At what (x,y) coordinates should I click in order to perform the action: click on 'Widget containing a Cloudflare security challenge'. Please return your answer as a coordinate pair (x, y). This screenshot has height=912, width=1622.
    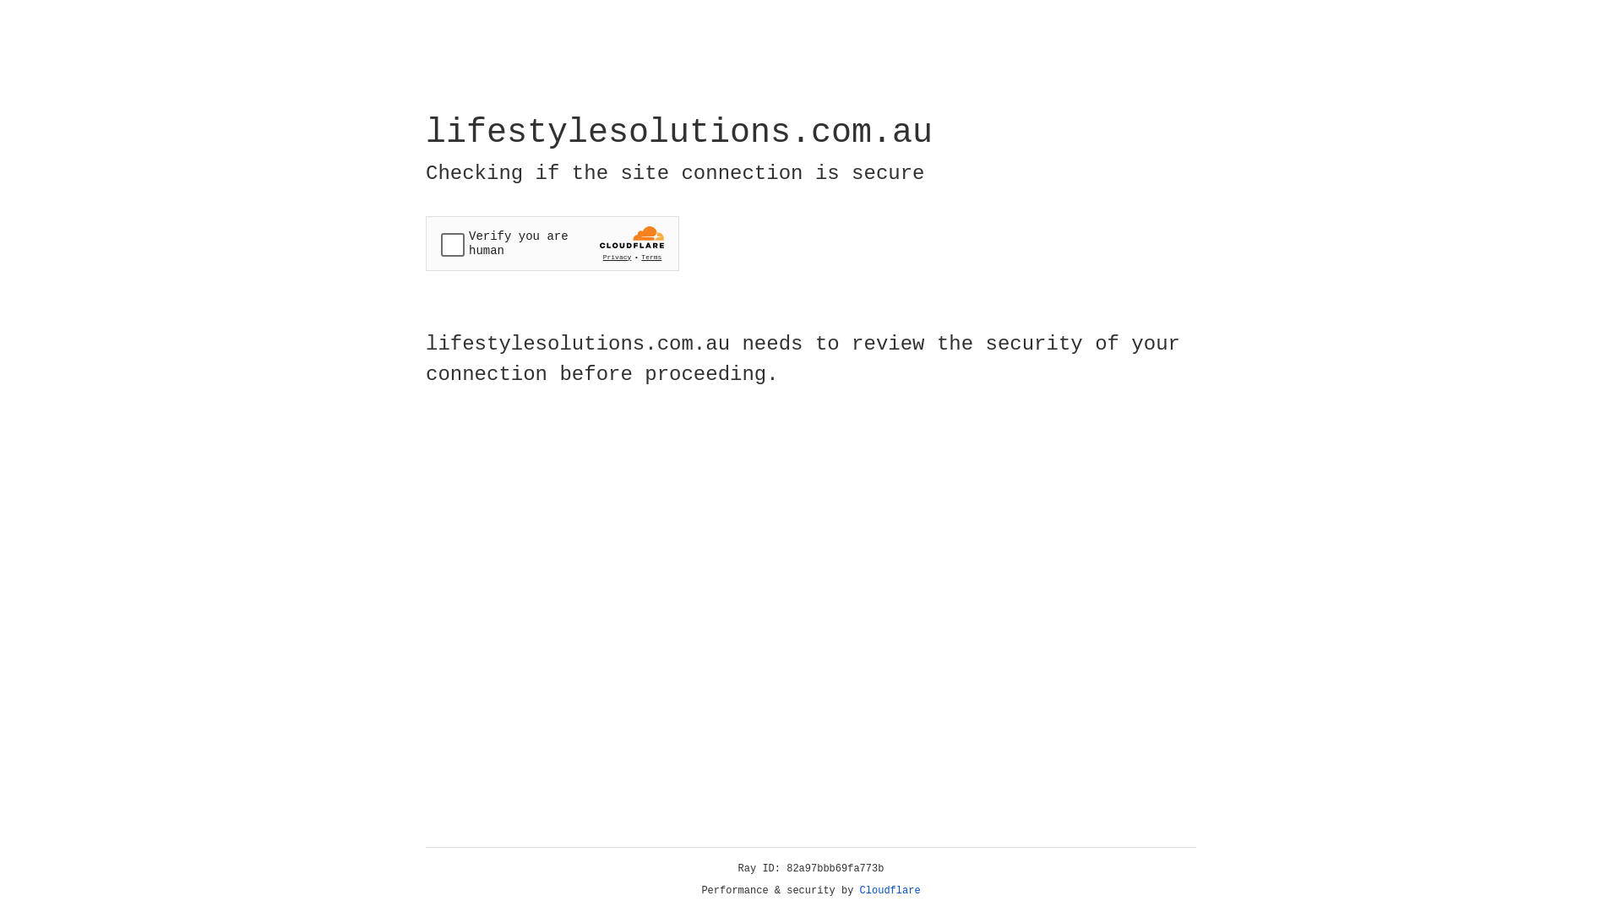
    Looking at the image, I should click on (552, 243).